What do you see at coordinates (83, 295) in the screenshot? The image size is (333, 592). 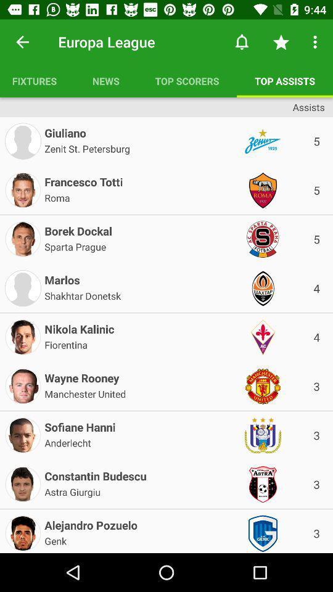 I see `shakhtar donetsk item` at bounding box center [83, 295].